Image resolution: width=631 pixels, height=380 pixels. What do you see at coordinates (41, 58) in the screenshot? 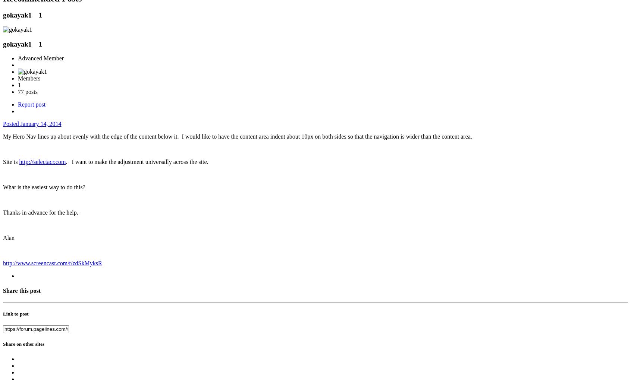
I see `'Advanced Member'` at bounding box center [41, 58].